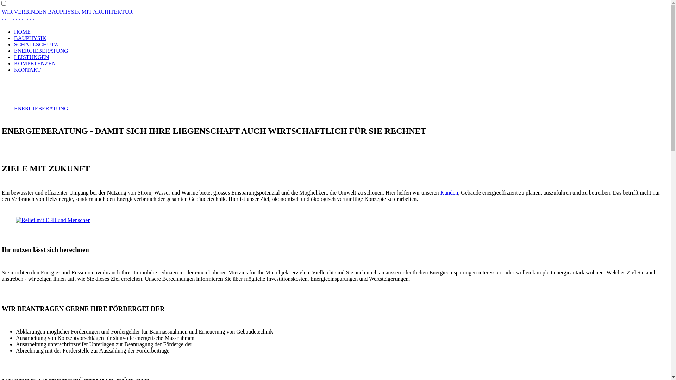 The height and width of the screenshot is (380, 676). What do you see at coordinates (31, 57) in the screenshot?
I see `'LEISTUNGEN'` at bounding box center [31, 57].